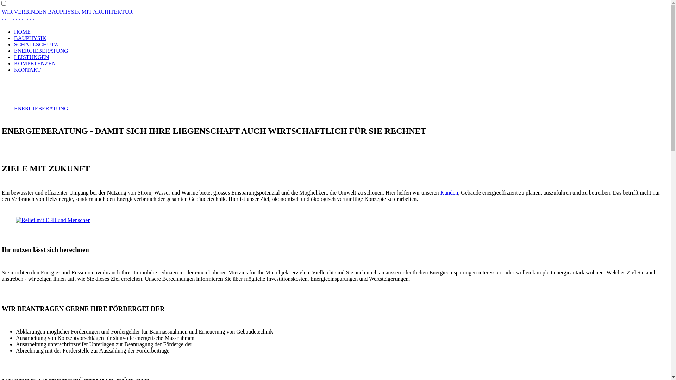 The height and width of the screenshot is (380, 676). What do you see at coordinates (31, 57) in the screenshot?
I see `'LEISTUNGEN'` at bounding box center [31, 57].